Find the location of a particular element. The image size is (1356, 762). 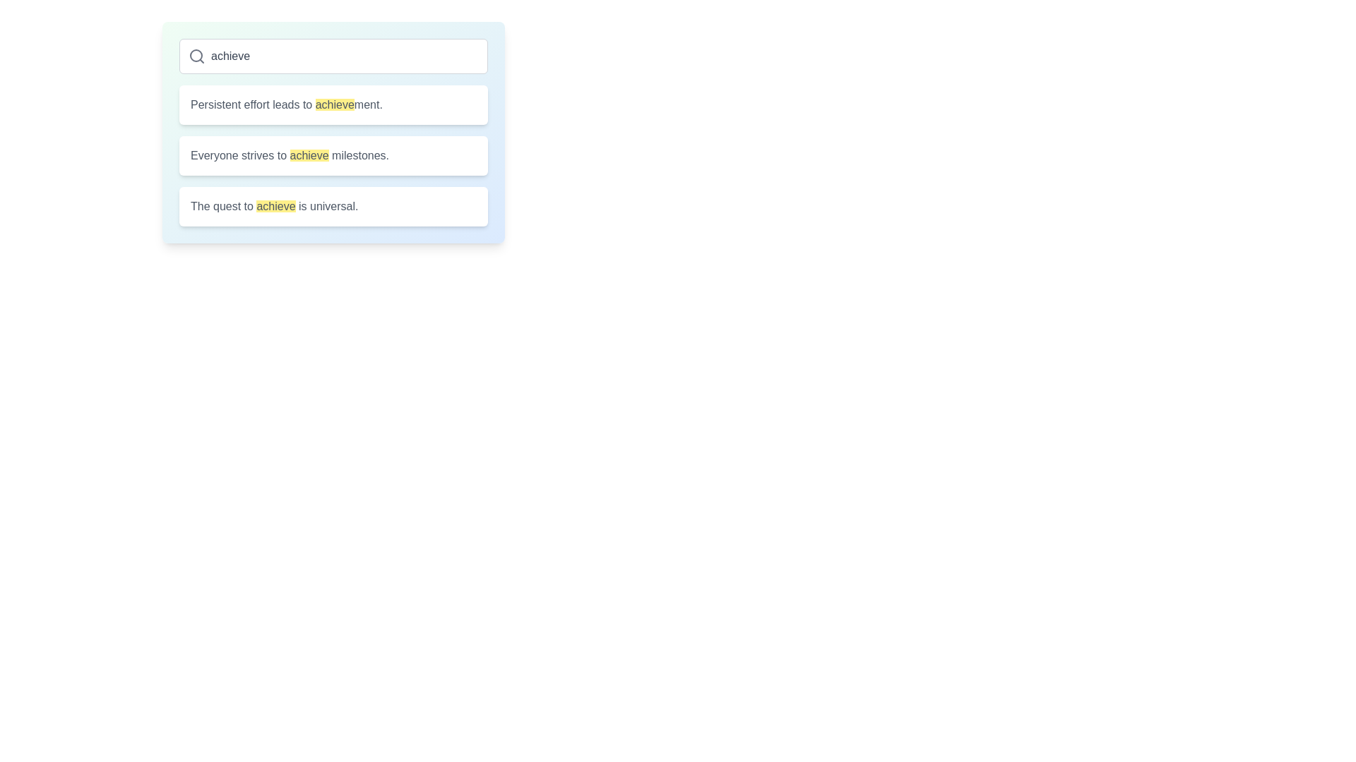

the third Text Display element in the vertical list to observe hover effects is located at coordinates (333, 207).